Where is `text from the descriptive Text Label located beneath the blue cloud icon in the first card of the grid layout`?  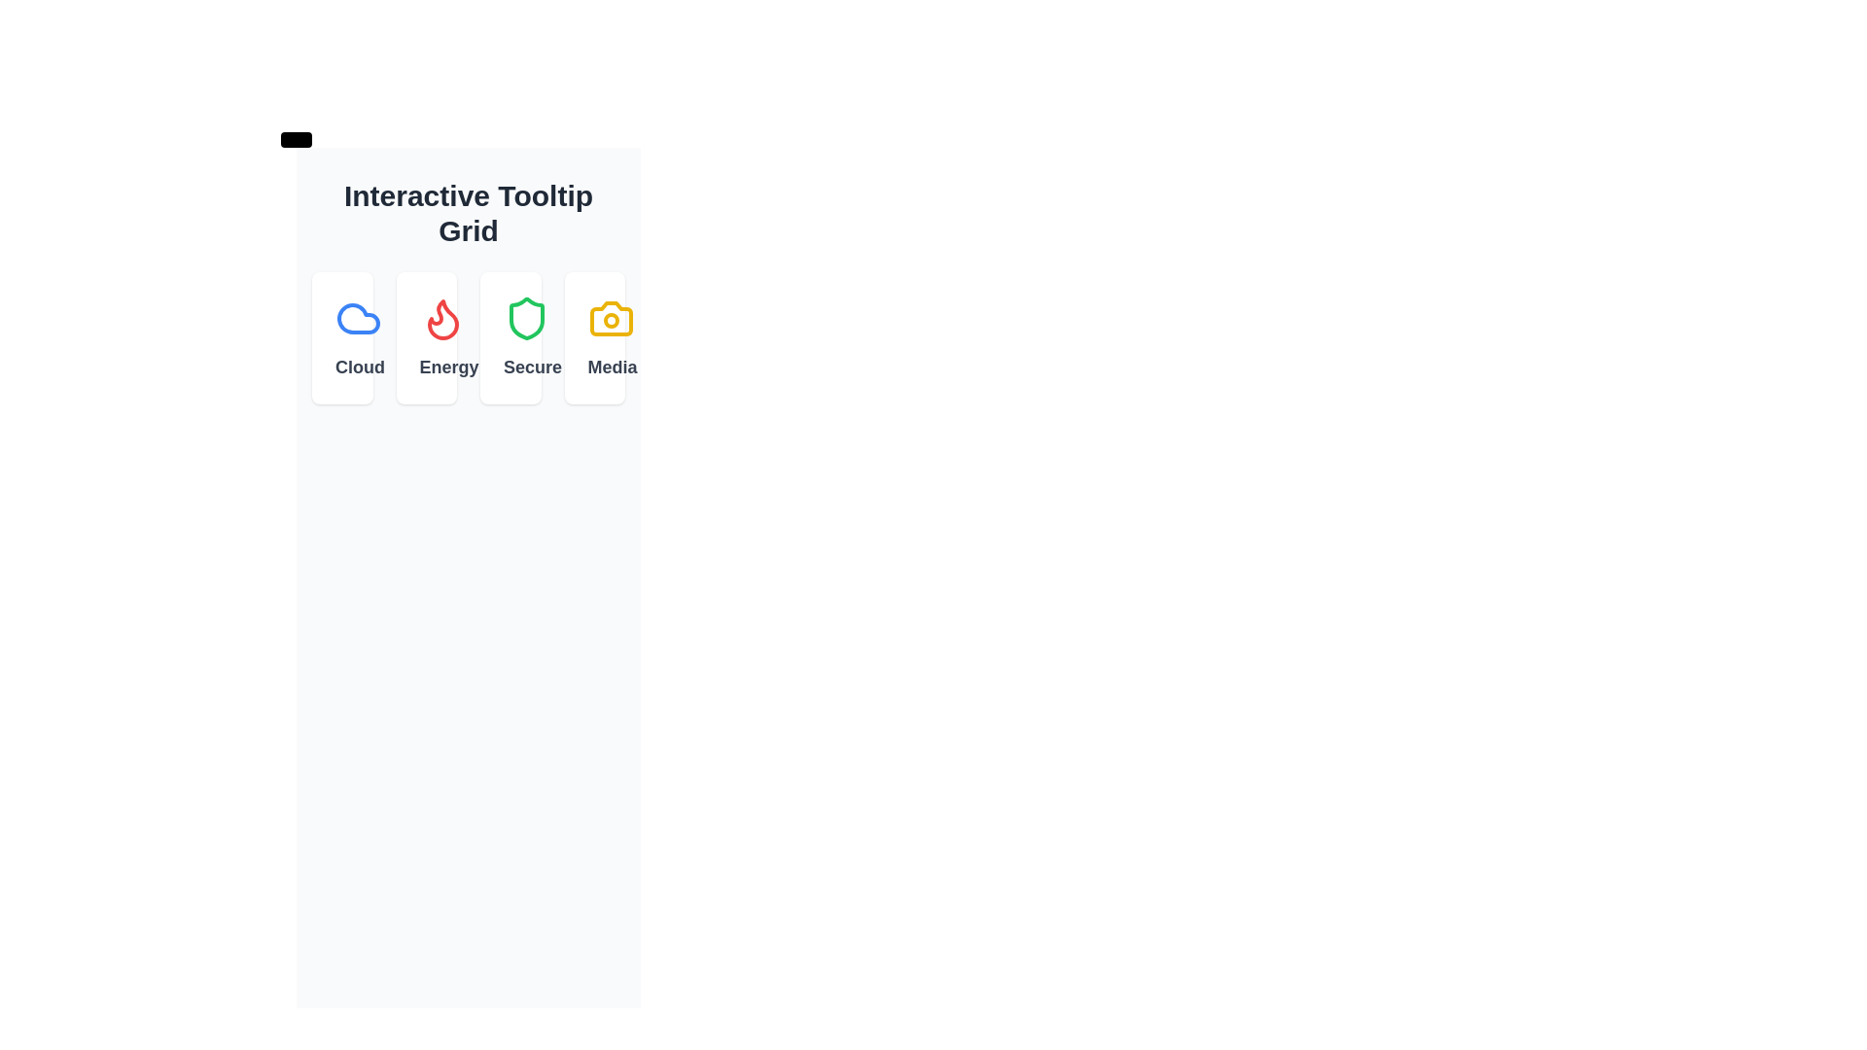 text from the descriptive Text Label located beneath the blue cloud icon in the first card of the grid layout is located at coordinates (342, 367).